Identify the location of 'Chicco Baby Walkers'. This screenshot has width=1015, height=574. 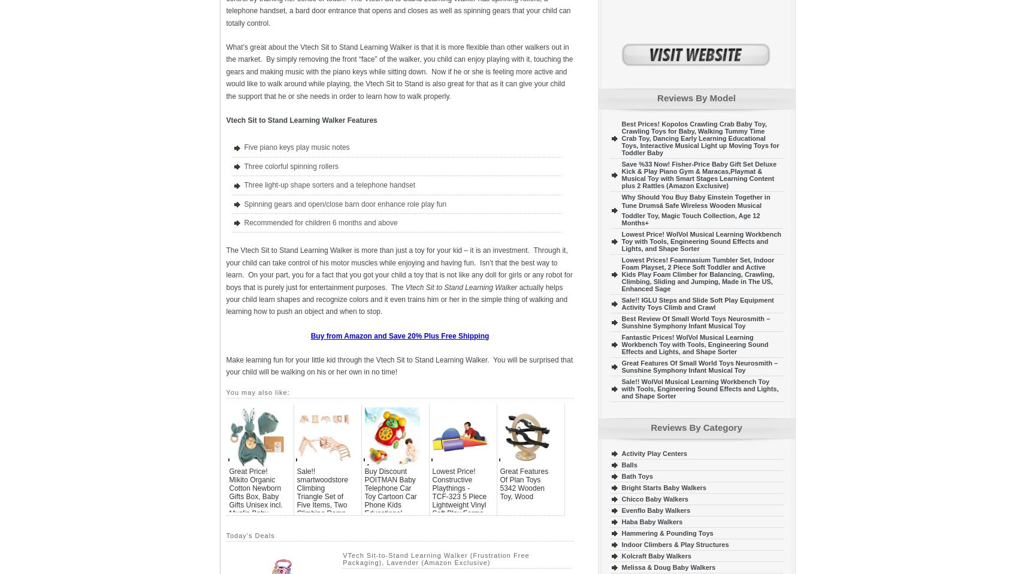
(654, 498).